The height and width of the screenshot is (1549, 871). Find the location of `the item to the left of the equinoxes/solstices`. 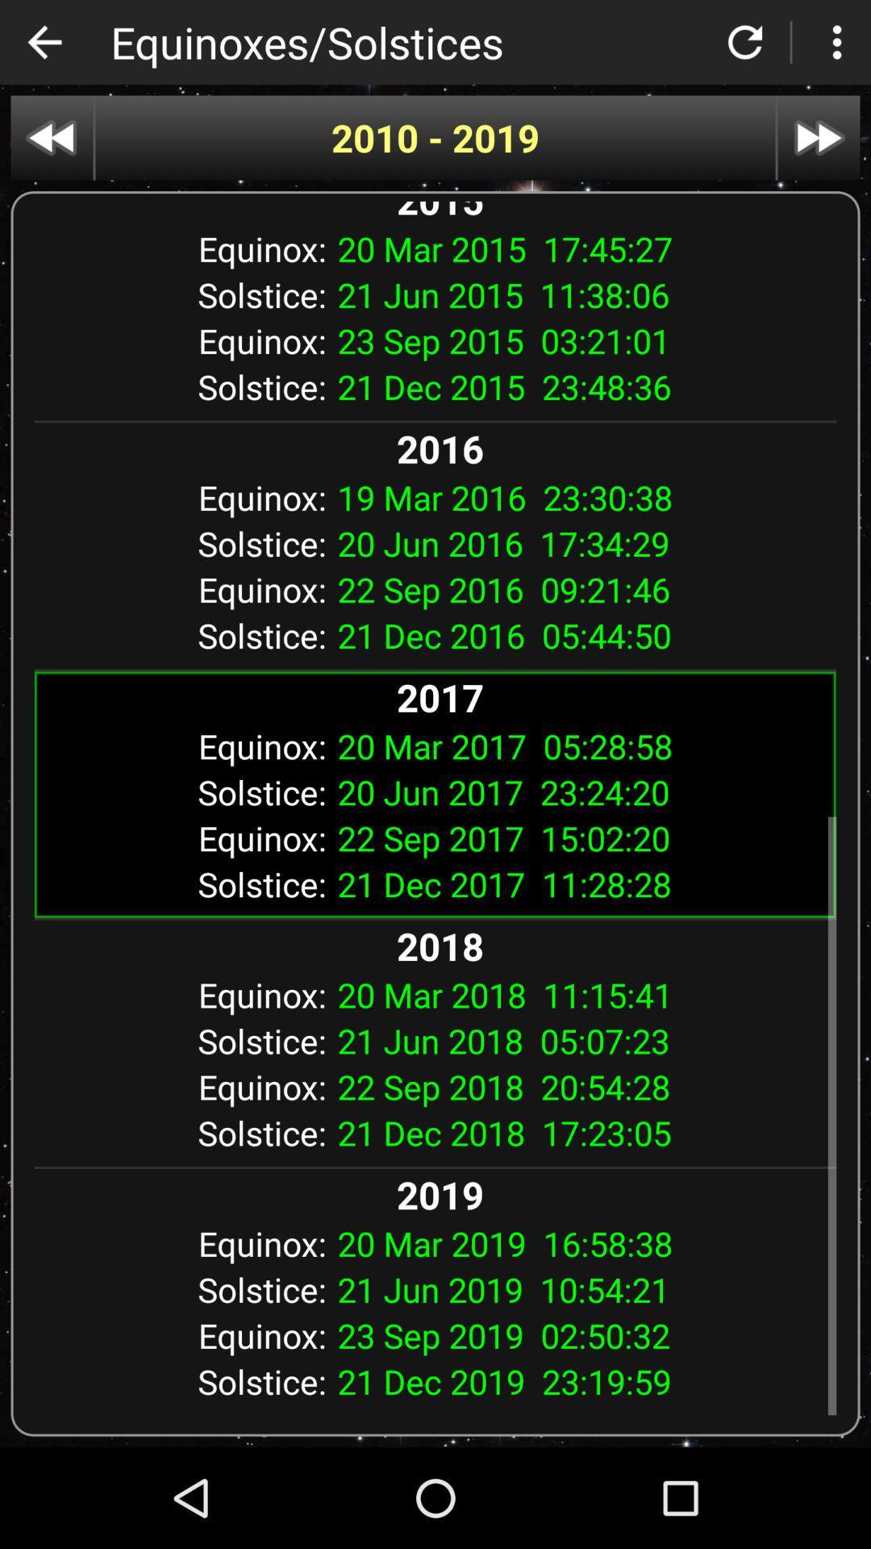

the item to the left of the equinoxes/solstices is located at coordinates (44, 42).